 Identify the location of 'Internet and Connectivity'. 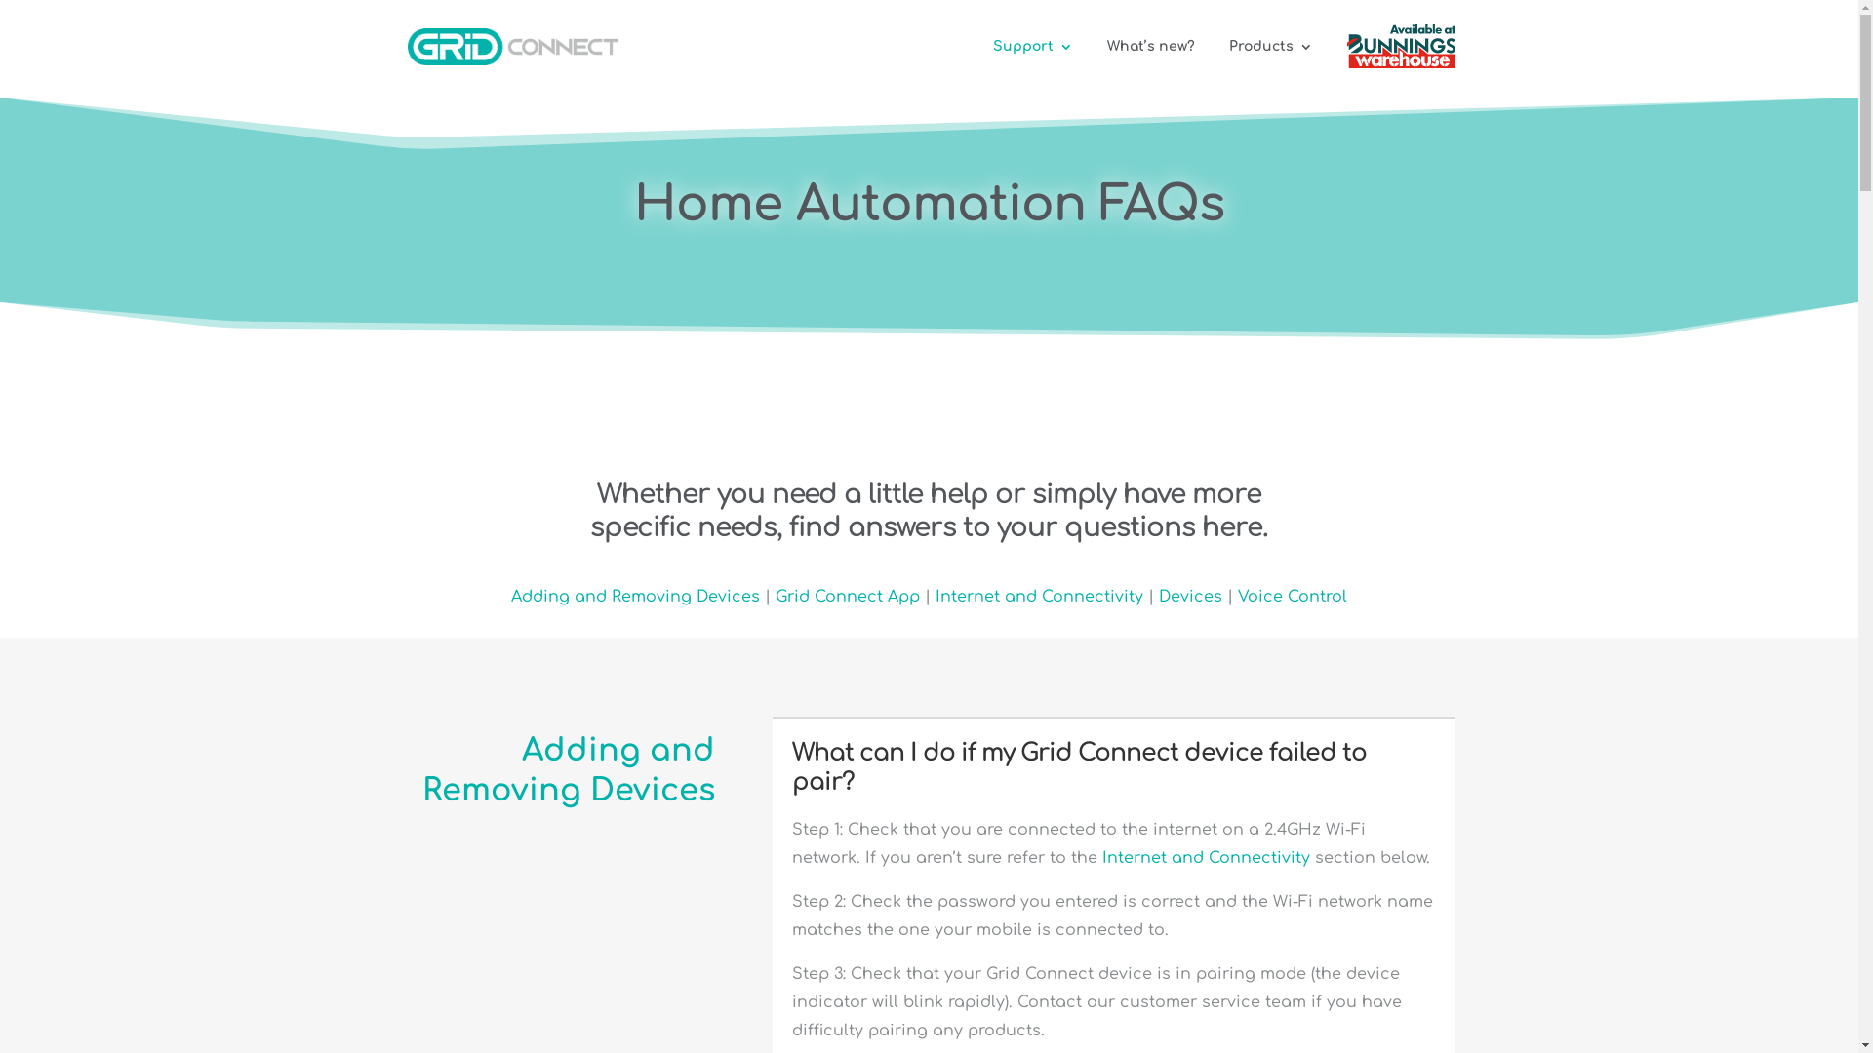
(1205, 856).